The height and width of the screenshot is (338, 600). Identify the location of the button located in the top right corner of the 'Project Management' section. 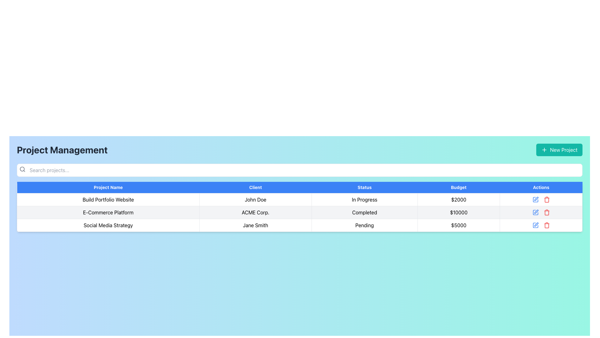
(559, 150).